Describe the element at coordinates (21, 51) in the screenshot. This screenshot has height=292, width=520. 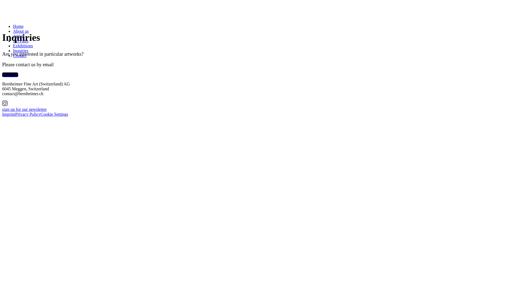
I see `'Inquiries'` at that location.